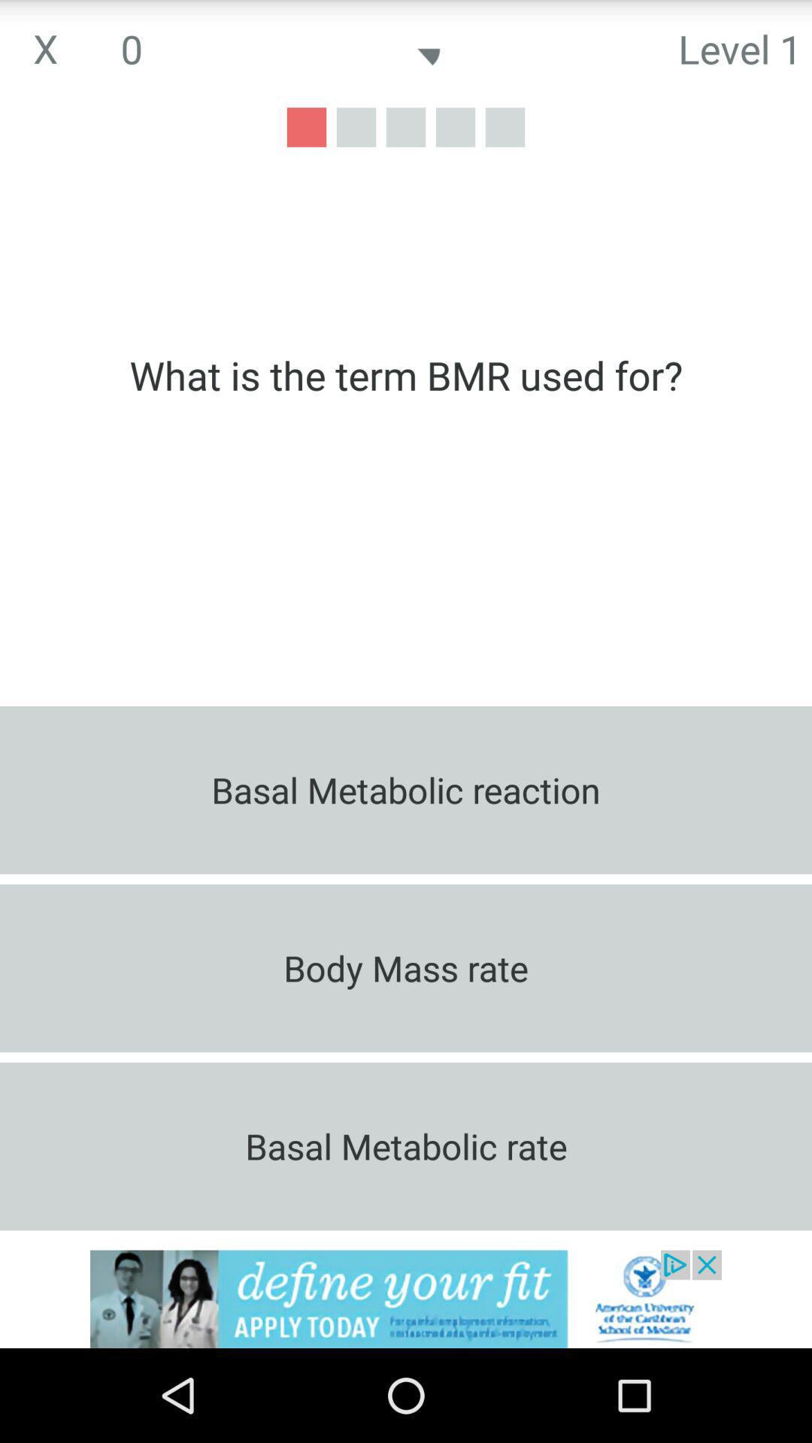 Image resolution: width=812 pixels, height=1443 pixels. What do you see at coordinates (406, 1298) in the screenshot?
I see `open advertisement` at bounding box center [406, 1298].